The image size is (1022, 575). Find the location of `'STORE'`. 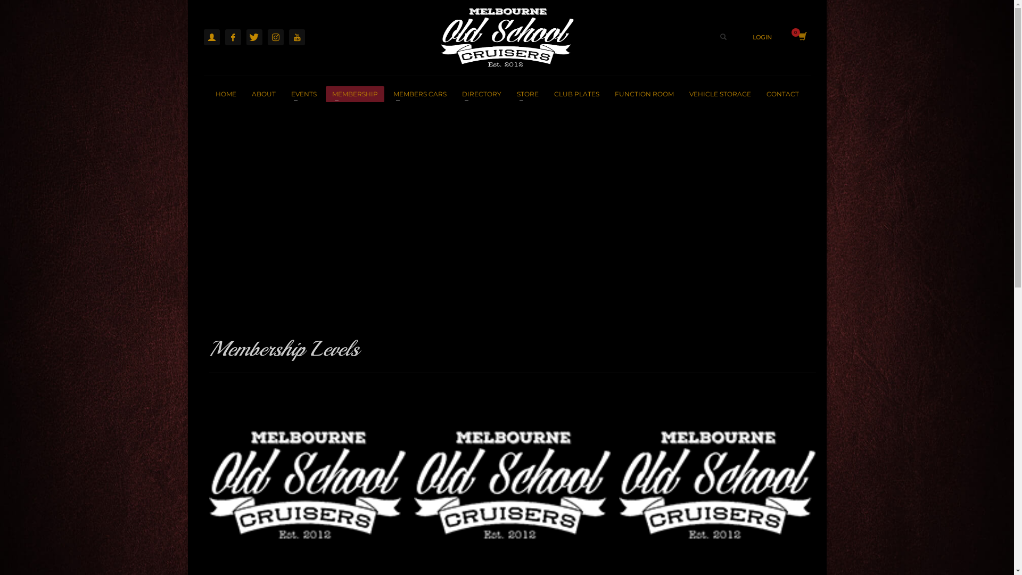

'STORE' is located at coordinates (527, 93).